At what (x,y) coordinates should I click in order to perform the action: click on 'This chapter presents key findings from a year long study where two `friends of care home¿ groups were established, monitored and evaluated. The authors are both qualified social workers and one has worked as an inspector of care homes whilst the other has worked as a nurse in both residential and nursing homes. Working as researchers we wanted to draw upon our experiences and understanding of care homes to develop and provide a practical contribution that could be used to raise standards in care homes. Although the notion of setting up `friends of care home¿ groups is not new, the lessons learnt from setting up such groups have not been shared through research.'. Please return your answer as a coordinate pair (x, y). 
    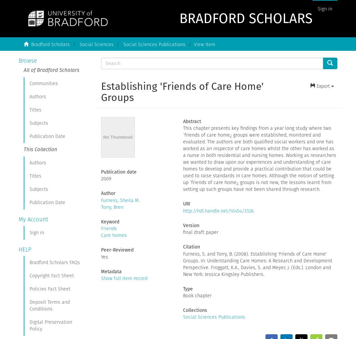
    Looking at the image, I should click on (259, 158).